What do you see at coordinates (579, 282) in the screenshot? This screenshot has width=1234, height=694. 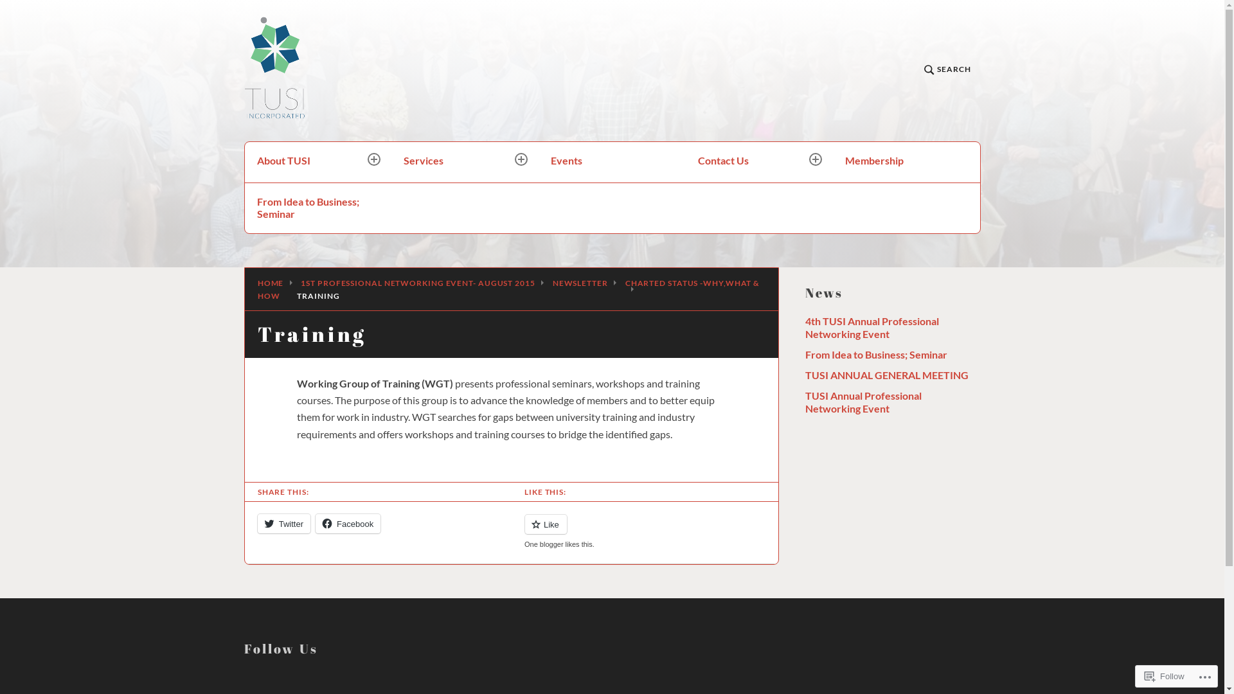 I see `'NEWSLETTER'` at bounding box center [579, 282].